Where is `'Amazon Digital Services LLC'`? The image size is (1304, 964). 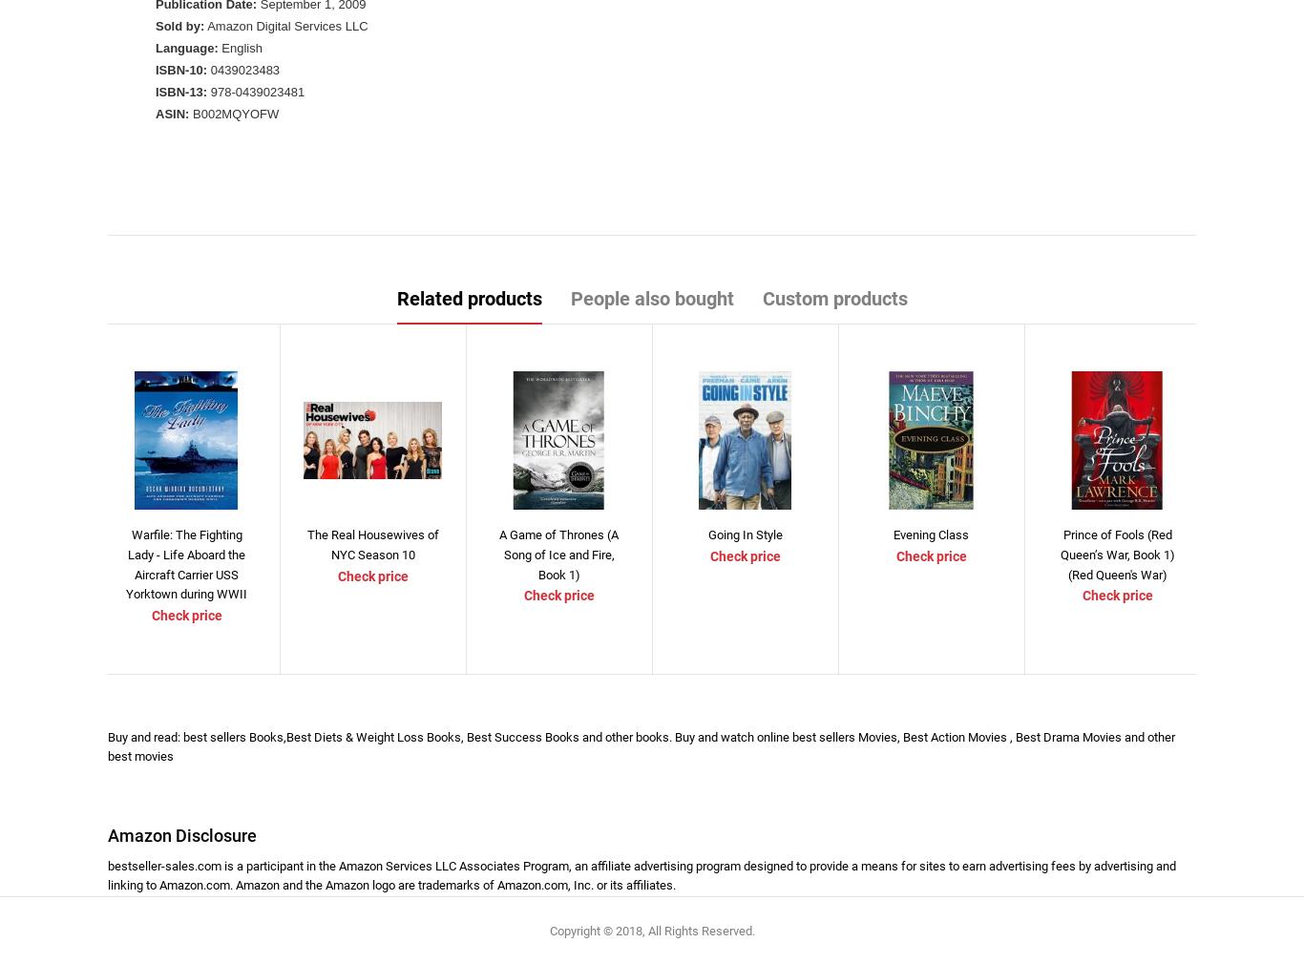
'Amazon Digital Services LLC' is located at coordinates (203, 25).